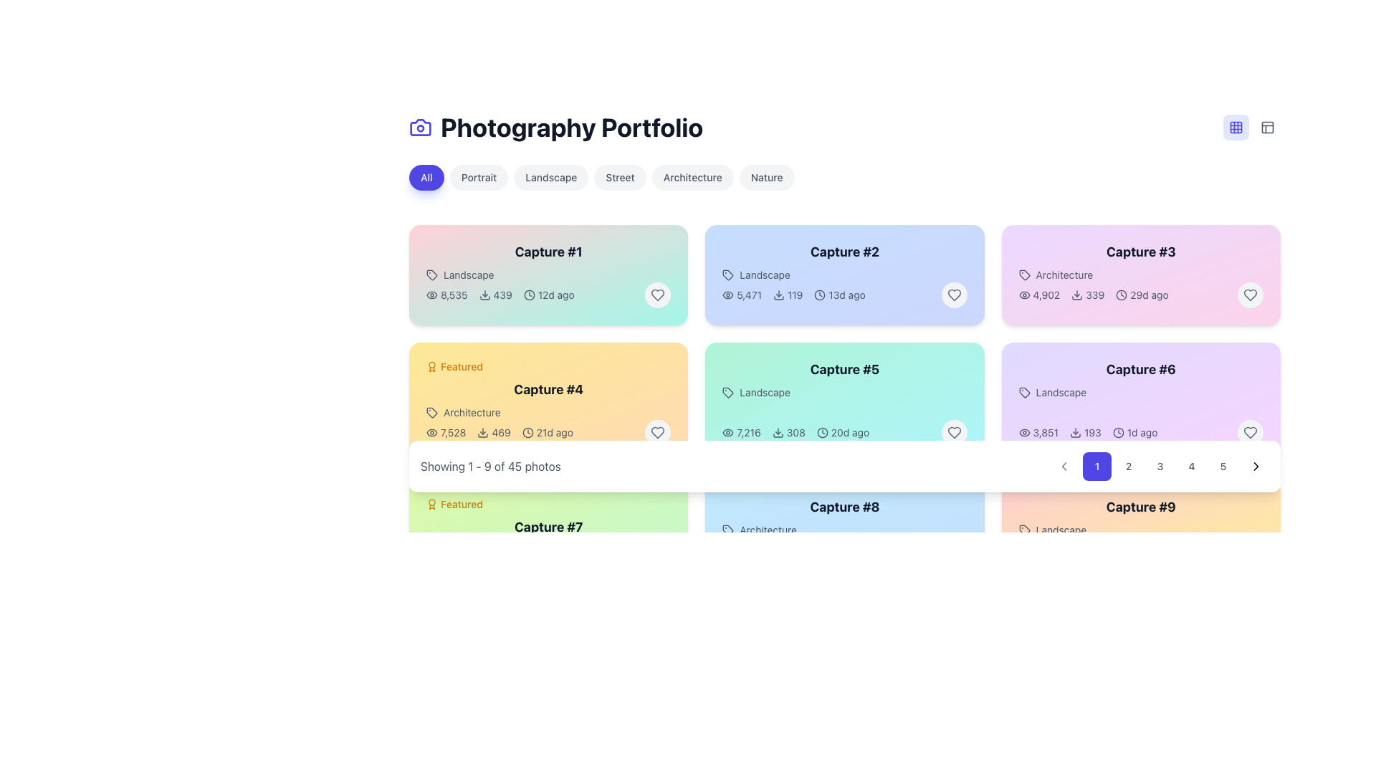 The width and height of the screenshot is (1376, 774). Describe the element at coordinates (1160, 467) in the screenshot. I see `the third pagination button` at that location.